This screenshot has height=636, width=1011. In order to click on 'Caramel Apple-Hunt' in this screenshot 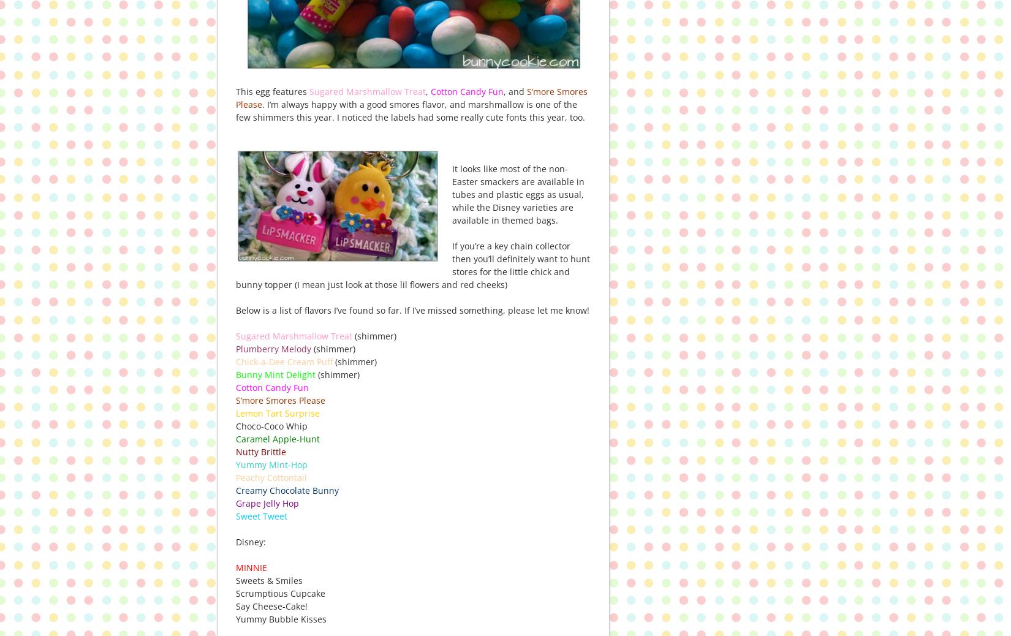, I will do `click(277, 437)`.